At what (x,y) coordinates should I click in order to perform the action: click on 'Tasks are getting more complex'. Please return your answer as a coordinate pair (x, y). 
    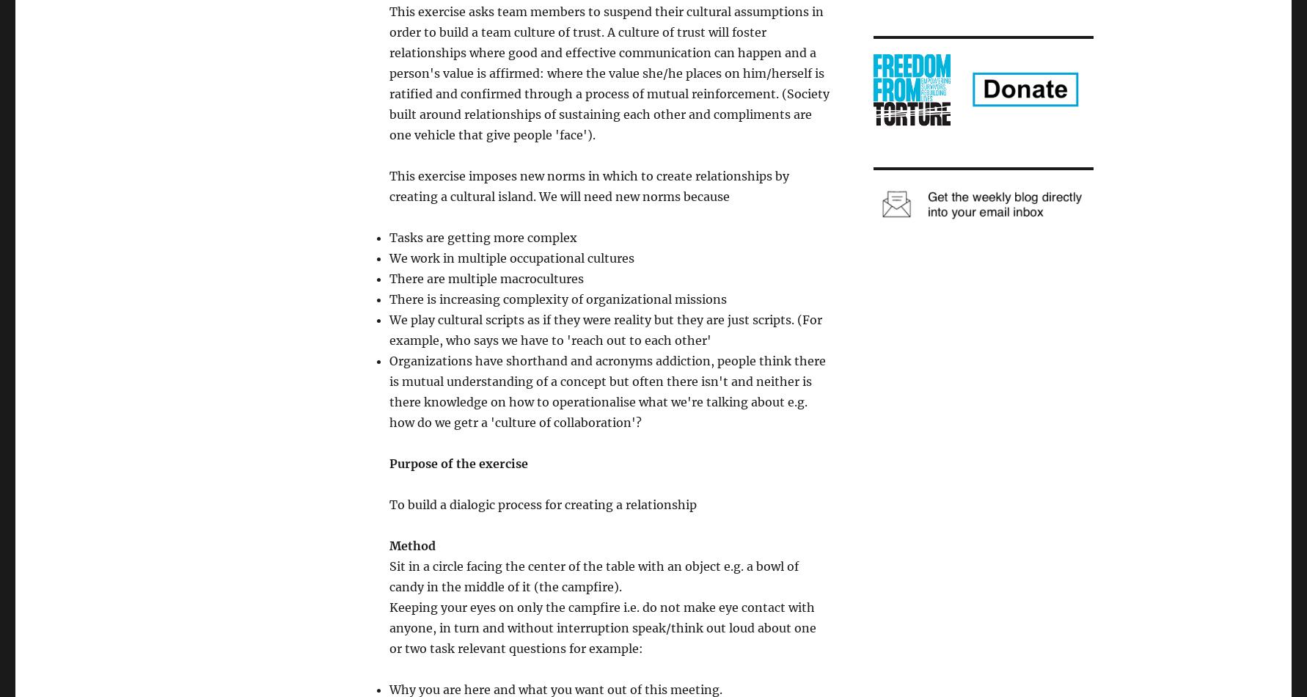
    Looking at the image, I should click on (482, 237).